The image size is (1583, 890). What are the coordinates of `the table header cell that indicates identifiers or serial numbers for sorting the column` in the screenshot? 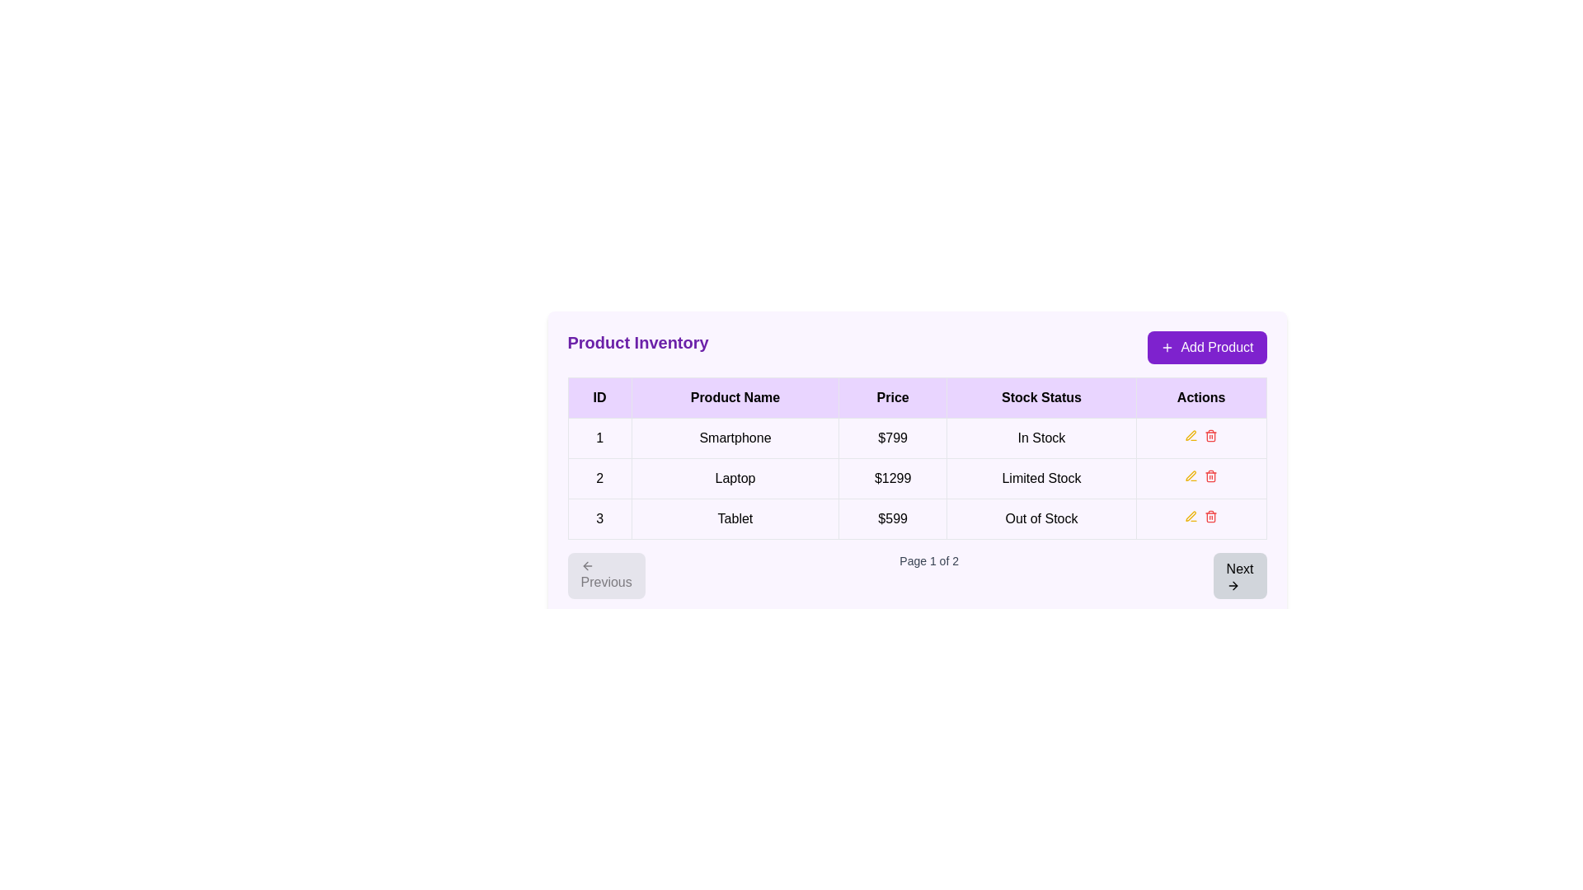 It's located at (599, 397).